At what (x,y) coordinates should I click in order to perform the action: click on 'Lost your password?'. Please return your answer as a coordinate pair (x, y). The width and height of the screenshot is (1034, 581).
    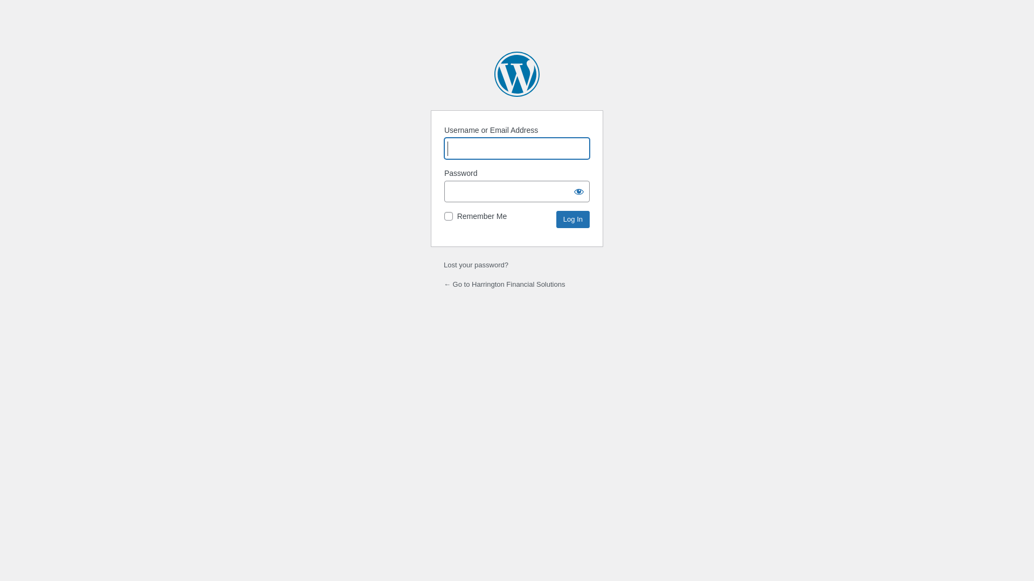
    Looking at the image, I should click on (444, 265).